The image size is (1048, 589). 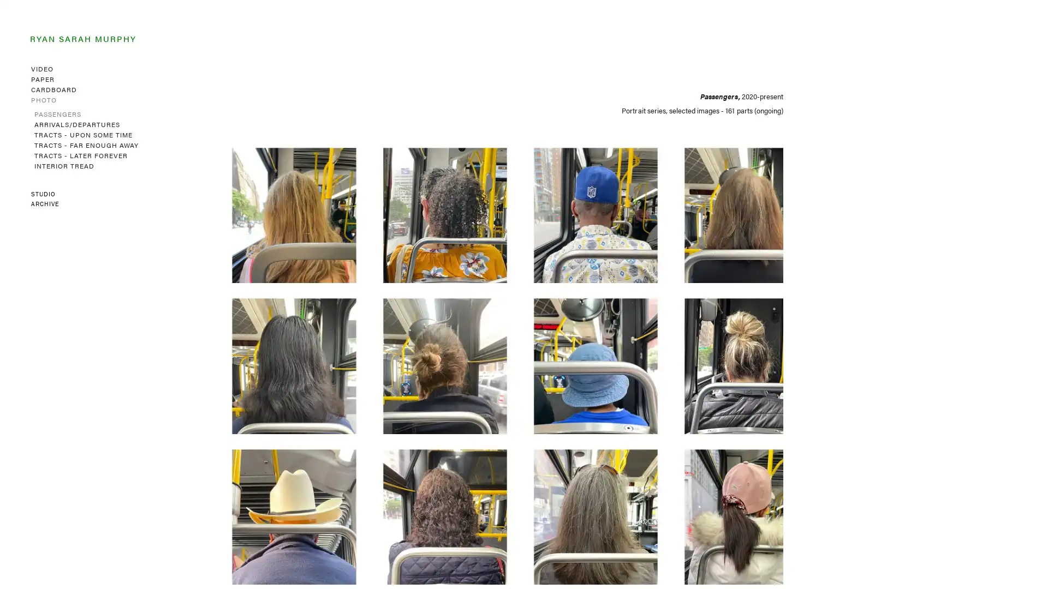 I want to click on View fullsize Passenger 159-.jpeg, so click(x=563, y=201).